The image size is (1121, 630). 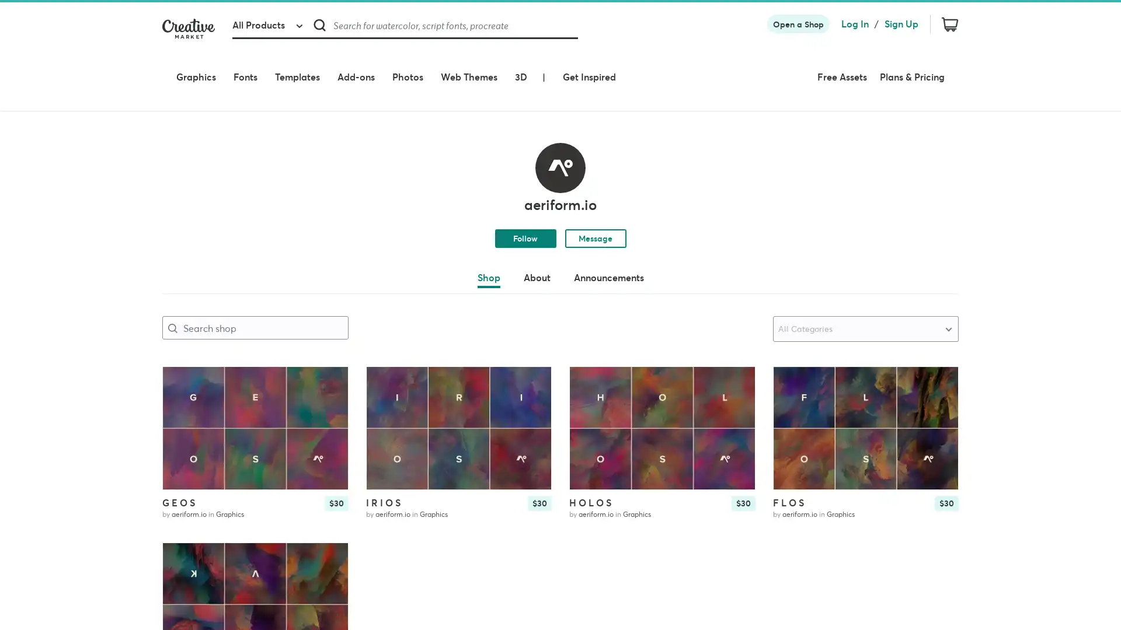 What do you see at coordinates (939, 342) in the screenshot?
I see `Like` at bounding box center [939, 342].